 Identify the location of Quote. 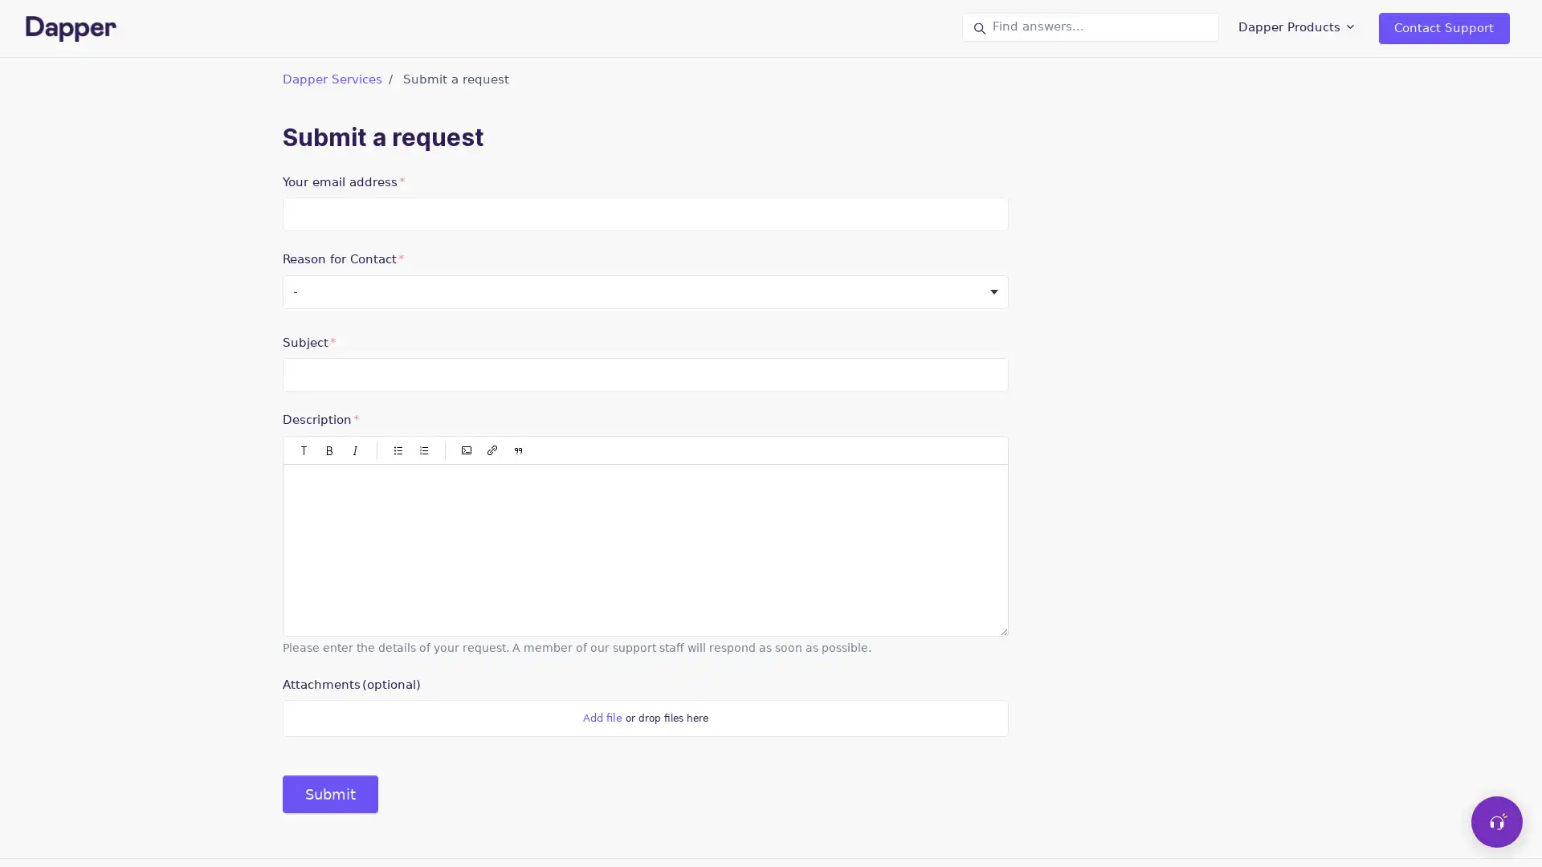
(517, 450).